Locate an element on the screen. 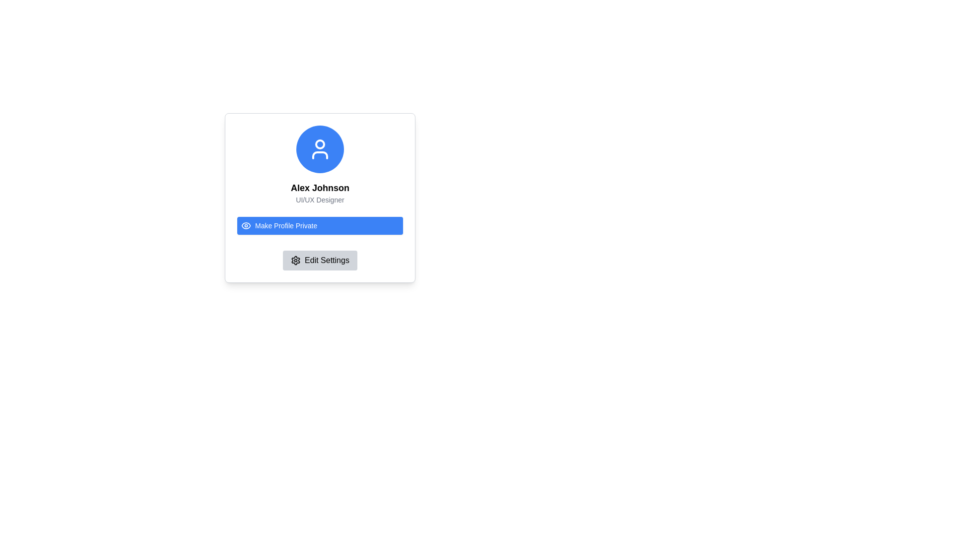 This screenshot has width=953, height=536. the settings button located below the 'Make Profile Private' button within the profile card of 'Alex Johnson, UI/UX Designer' to interact with it is located at coordinates (320, 260).